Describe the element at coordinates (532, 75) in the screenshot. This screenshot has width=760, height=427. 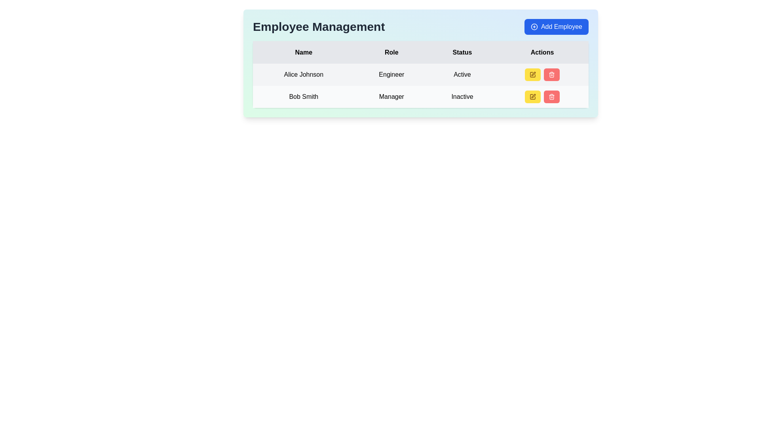
I see `the pen icon button in the 'Actions' column of the table under the 'Engineer - Active' row to initiate editing` at that location.